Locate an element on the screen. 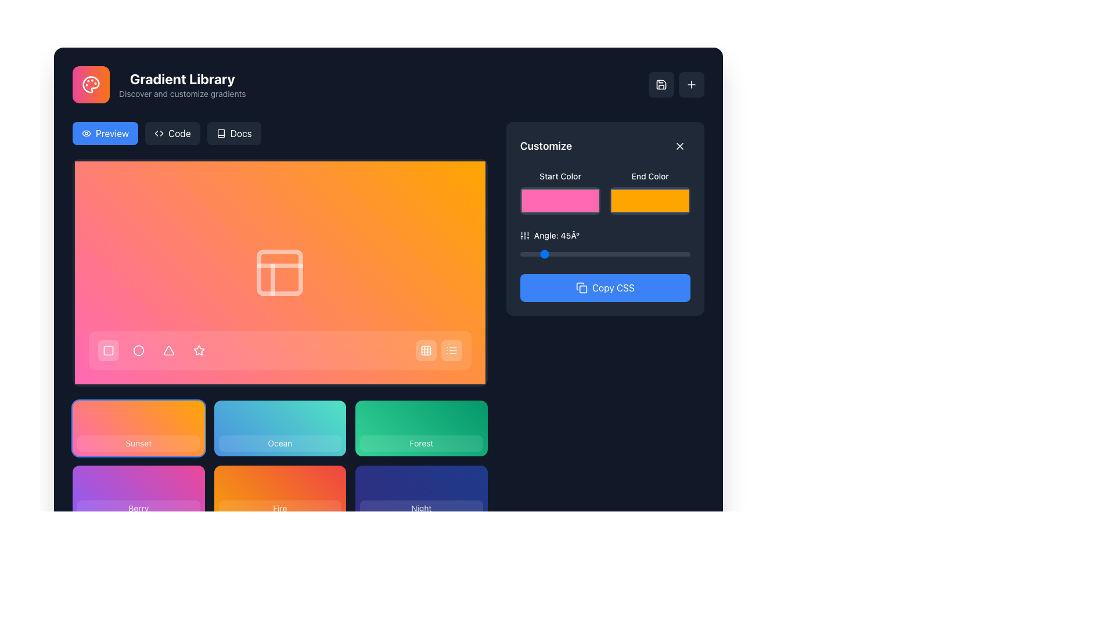  the 'End Color' color picker element is located at coordinates (649, 192).